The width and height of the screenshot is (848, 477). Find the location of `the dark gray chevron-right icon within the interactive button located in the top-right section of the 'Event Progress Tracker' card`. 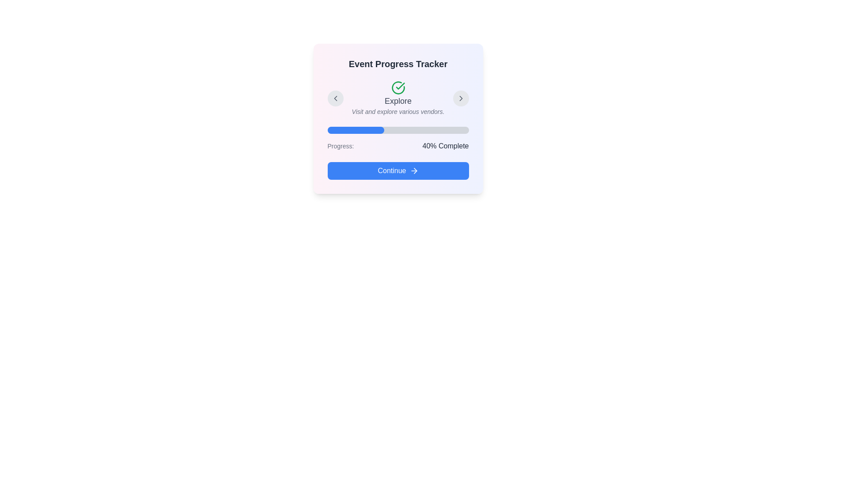

the dark gray chevron-right icon within the interactive button located in the top-right section of the 'Event Progress Tracker' card is located at coordinates (460, 98).